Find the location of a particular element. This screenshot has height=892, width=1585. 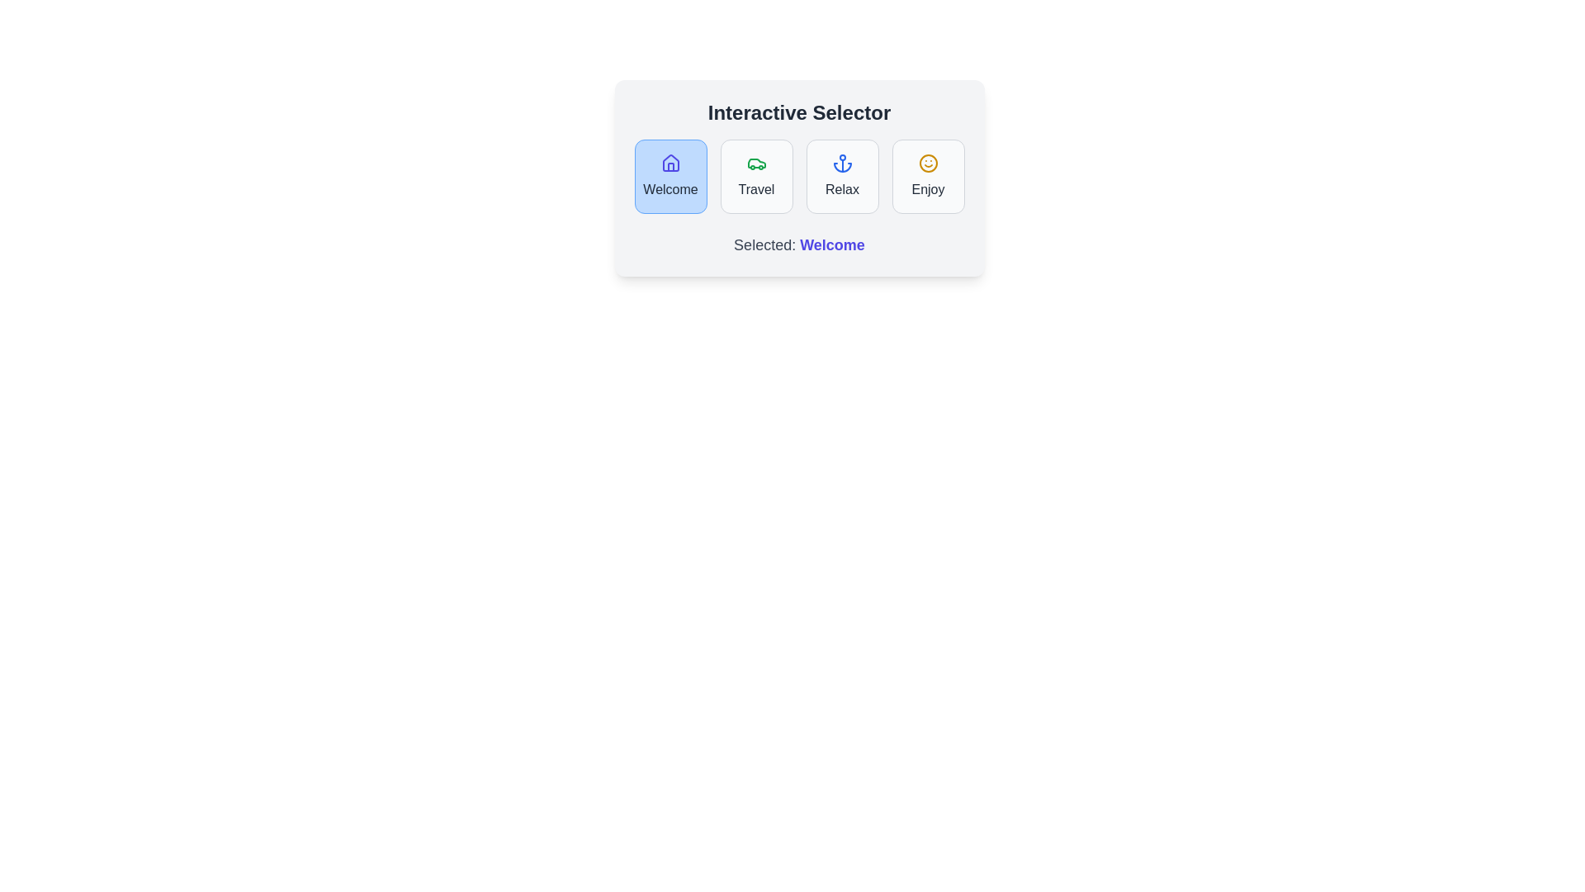

text label 'Travel' located at the bottom-center of the second card from the left in a row of four interactive cards is located at coordinates (755, 189).